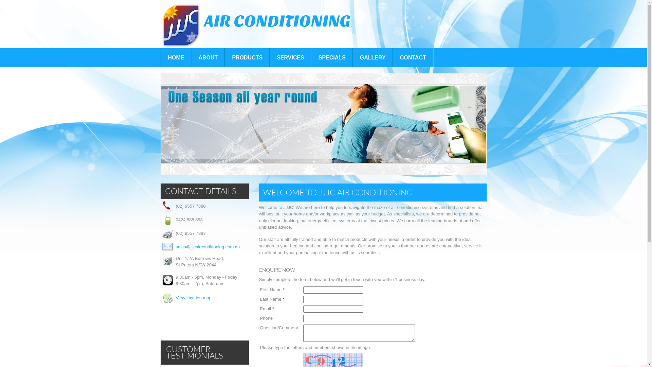 This screenshot has height=367, width=652. I want to click on 'GALLERY', so click(373, 57).